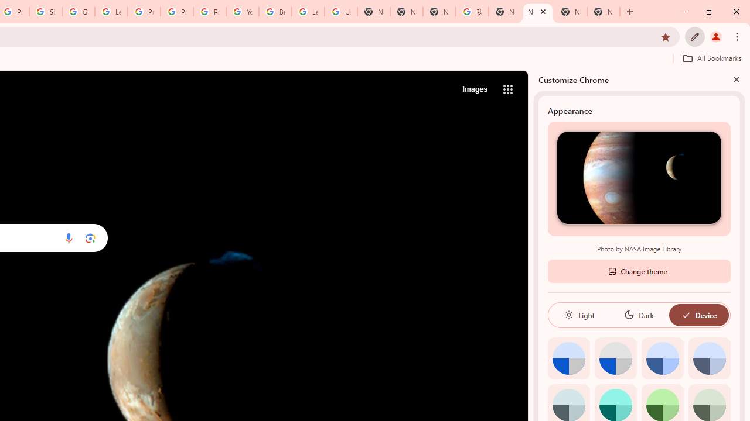  What do you see at coordinates (638, 314) in the screenshot?
I see `'Dark'` at bounding box center [638, 314].